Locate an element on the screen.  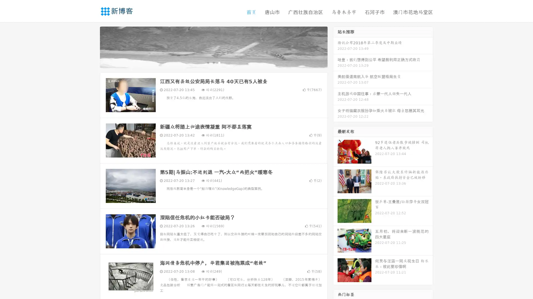
Go to slide 2 is located at coordinates (213, 62).